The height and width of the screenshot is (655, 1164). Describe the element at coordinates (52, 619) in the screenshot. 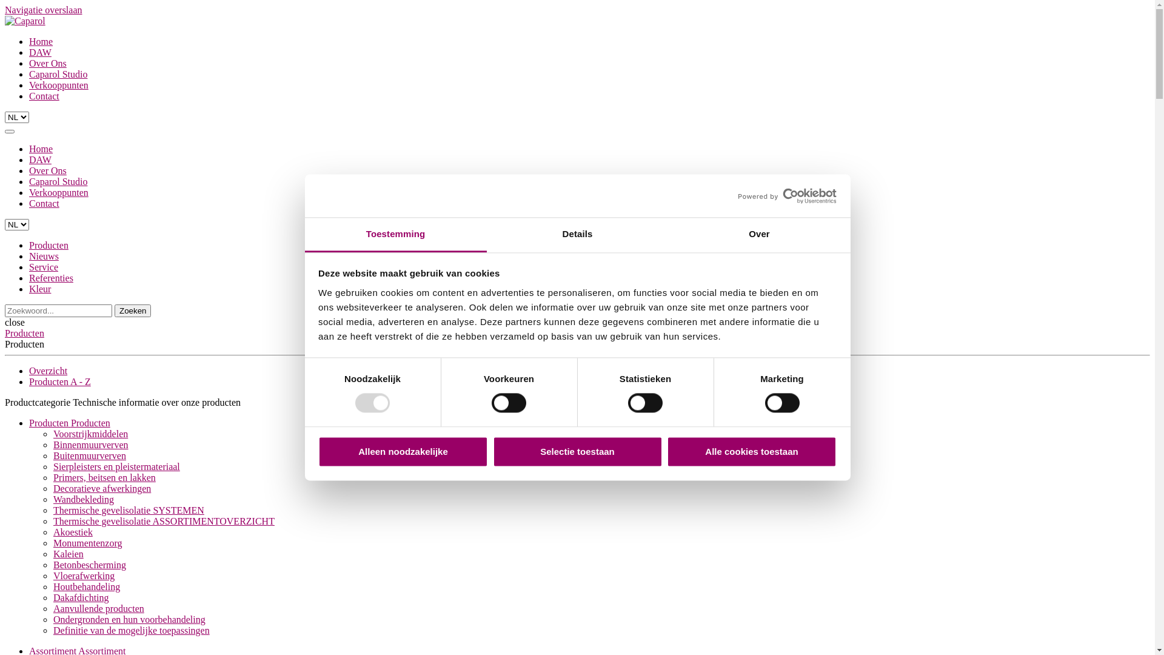

I see `'Ondergronden en hun voorbehandeling'` at that location.